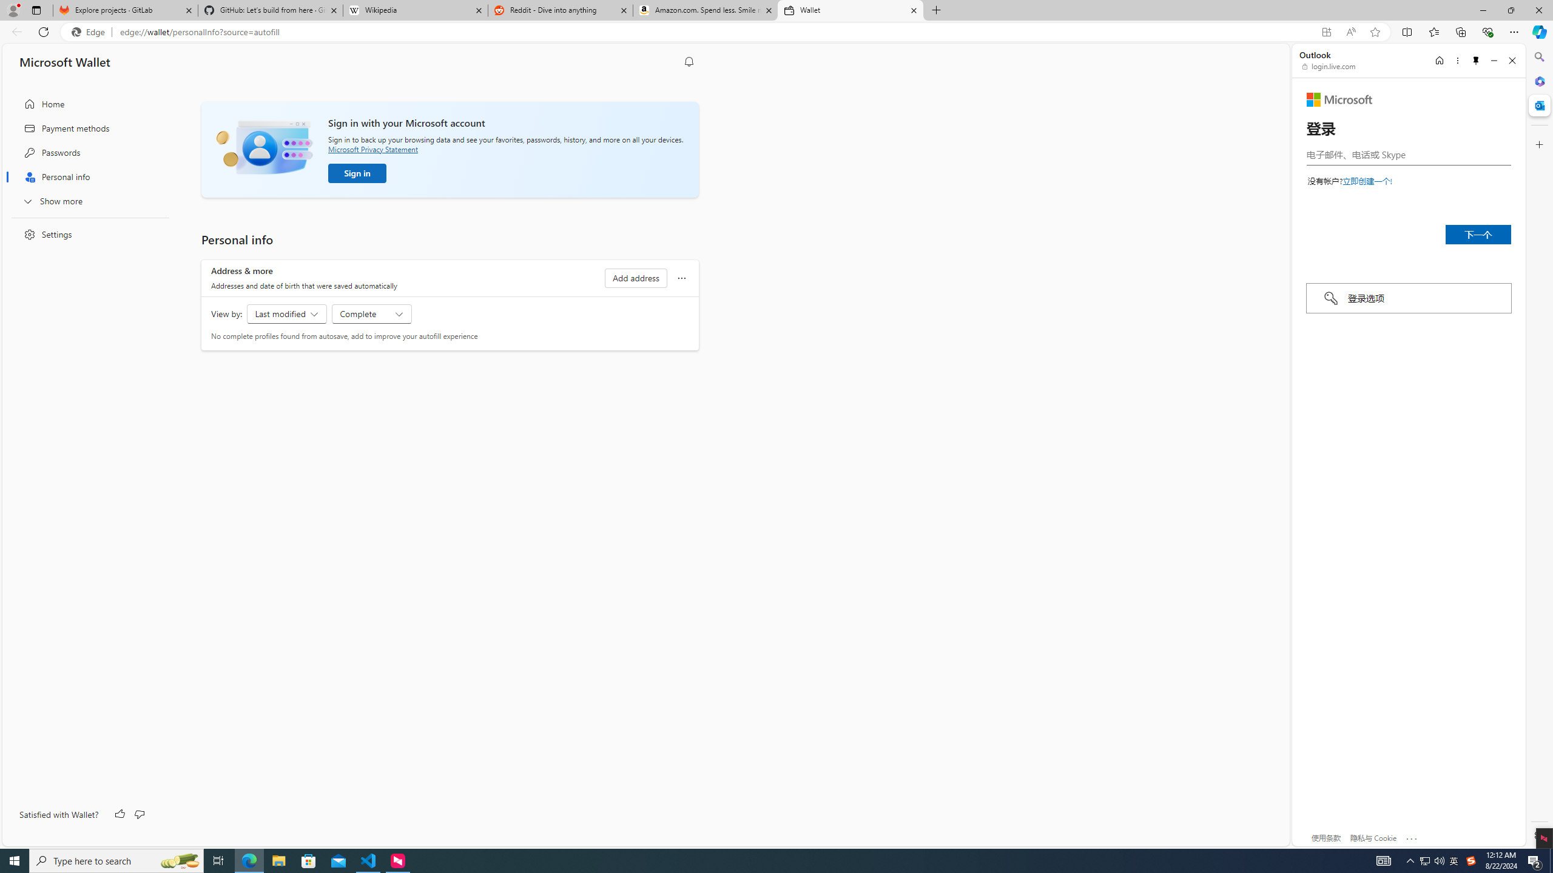  What do you see at coordinates (86, 128) in the screenshot?
I see `'Payment methods'` at bounding box center [86, 128].